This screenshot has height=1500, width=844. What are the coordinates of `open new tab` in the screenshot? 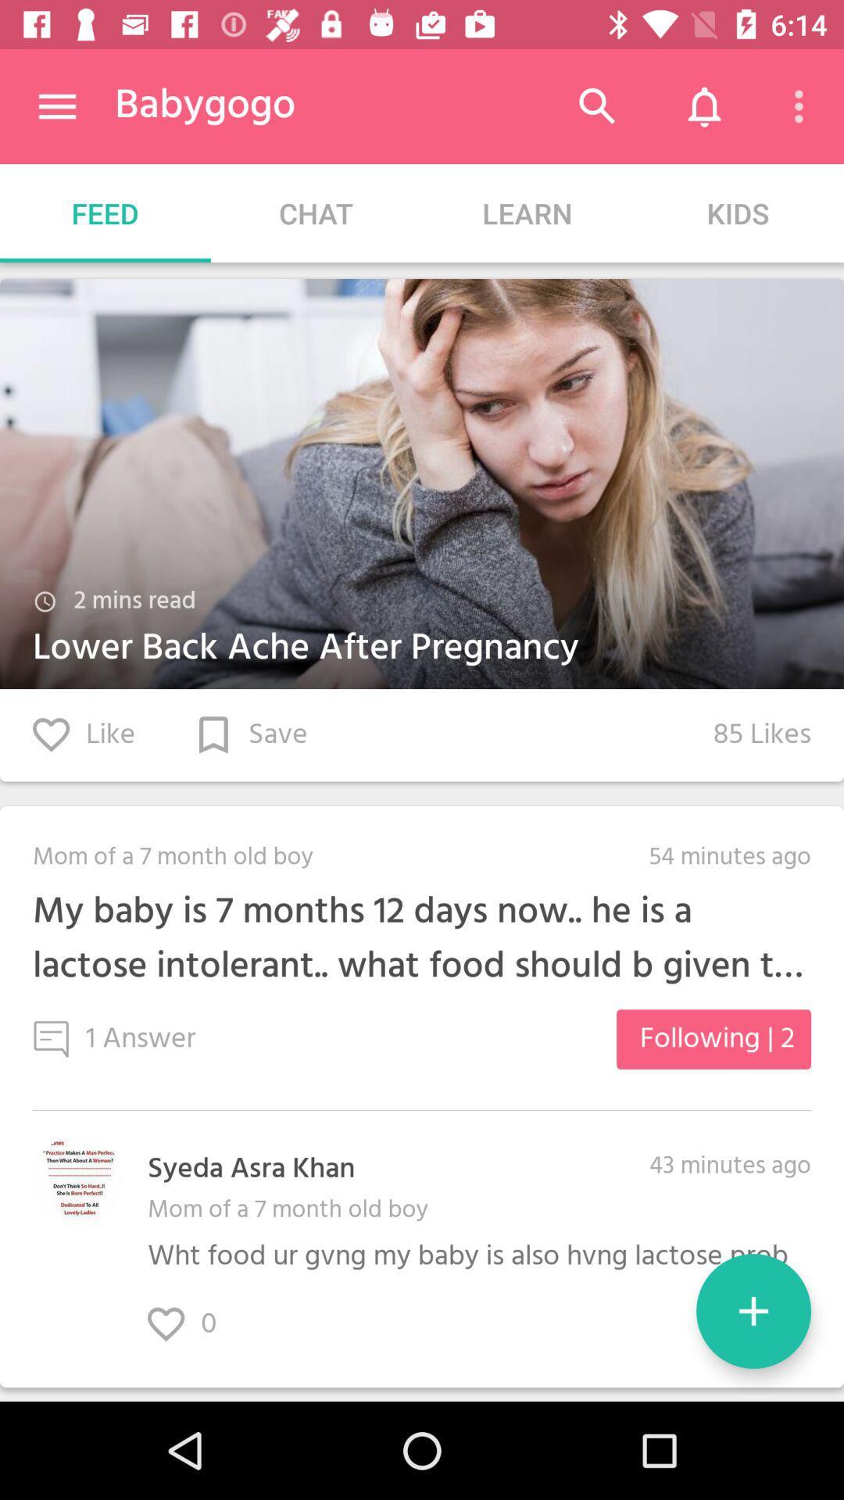 It's located at (753, 1311).